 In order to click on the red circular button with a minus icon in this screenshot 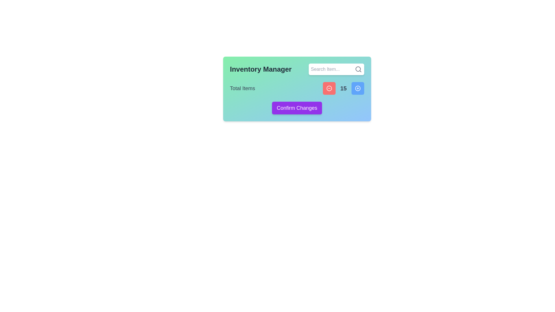, I will do `click(329, 88)`.